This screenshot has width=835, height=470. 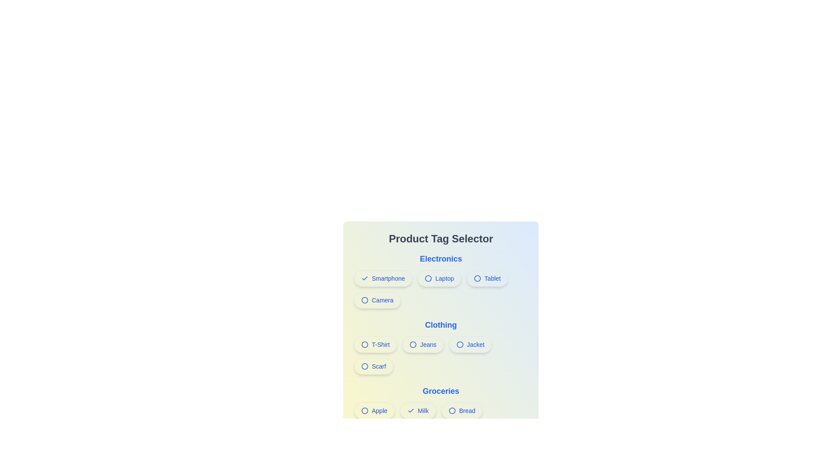 I want to click on the 'Jeans' category button, so click(x=441, y=346).